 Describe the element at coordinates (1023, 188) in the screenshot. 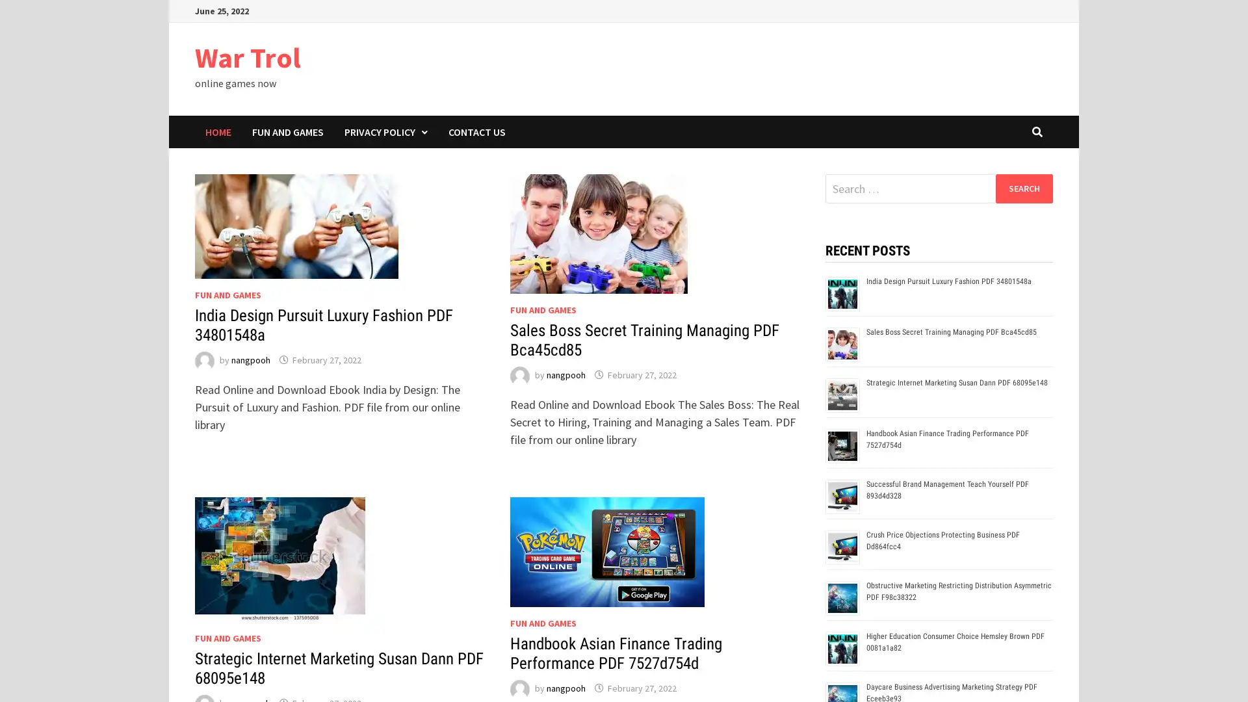

I see `Search` at that location.